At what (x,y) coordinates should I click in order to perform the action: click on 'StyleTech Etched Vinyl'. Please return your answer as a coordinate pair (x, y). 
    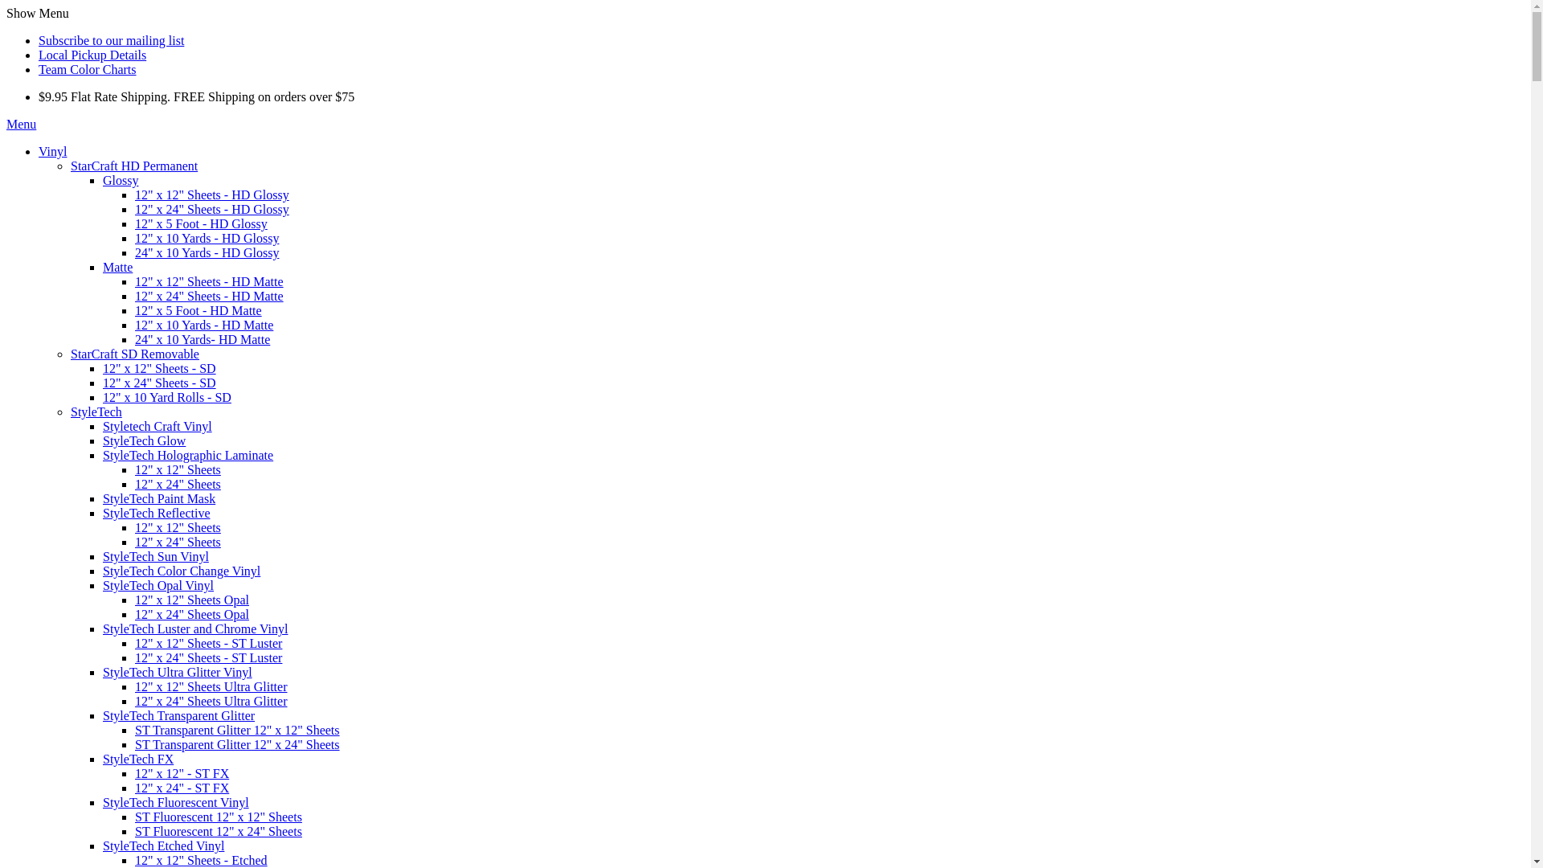
    Looking at the image, I should click on (163, 845).